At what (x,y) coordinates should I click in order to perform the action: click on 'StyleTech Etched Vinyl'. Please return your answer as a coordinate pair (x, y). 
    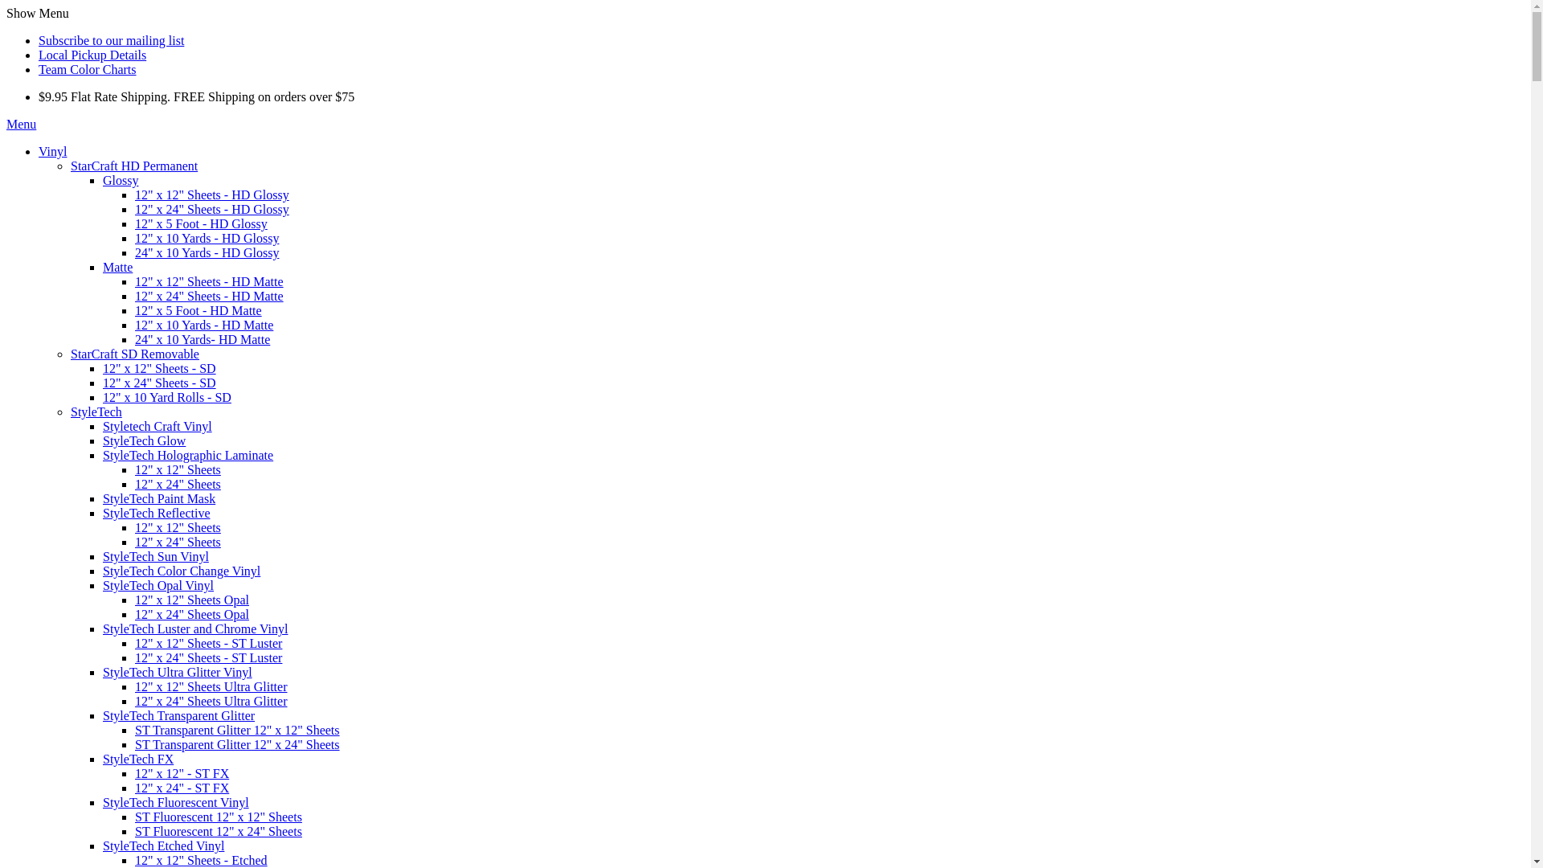
    Looking at the image, I should click on (163, 845).